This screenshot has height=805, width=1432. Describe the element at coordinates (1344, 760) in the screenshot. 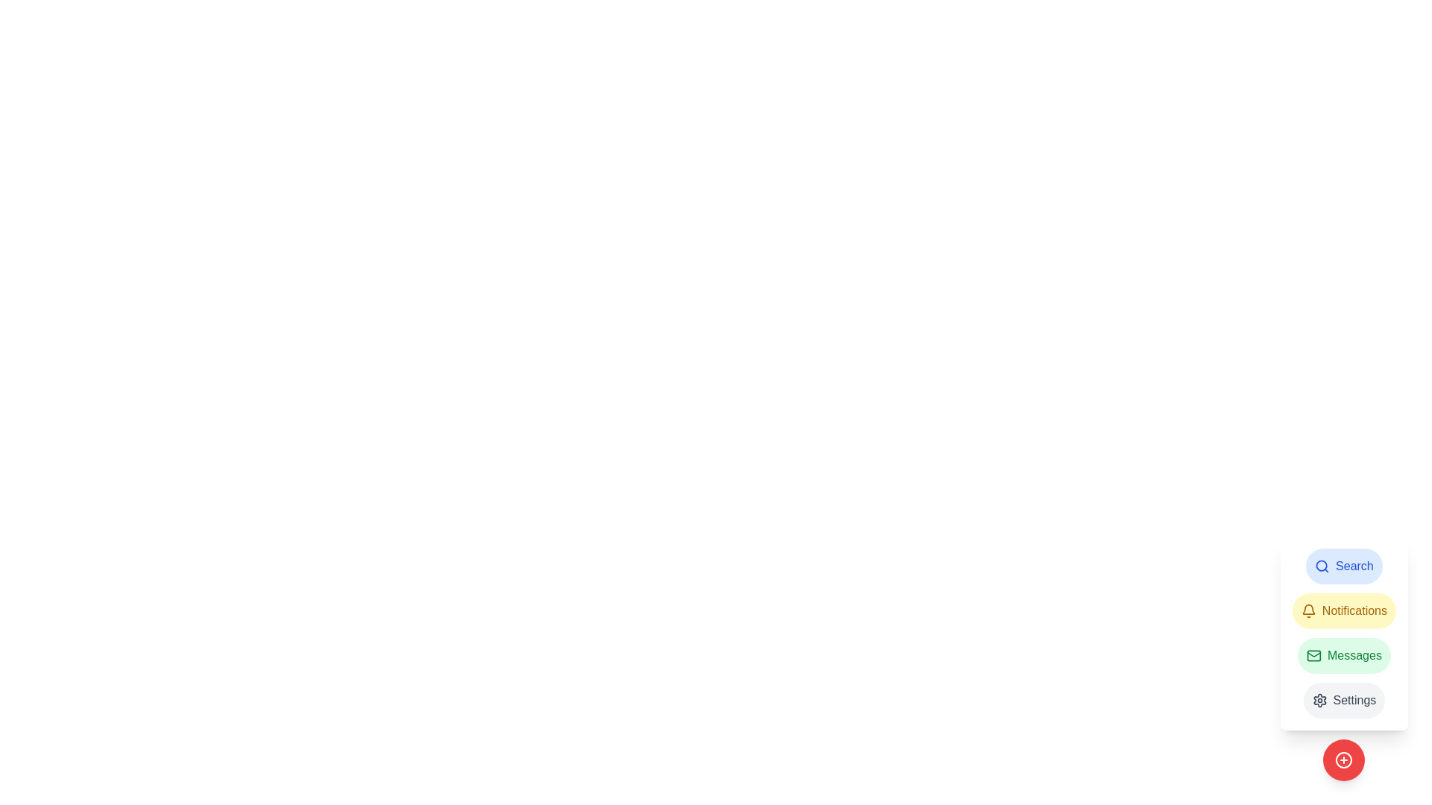

I see `the circular red button with a white plus sign at the bottom-right corner of the button group for keyboard interaction` at that location.